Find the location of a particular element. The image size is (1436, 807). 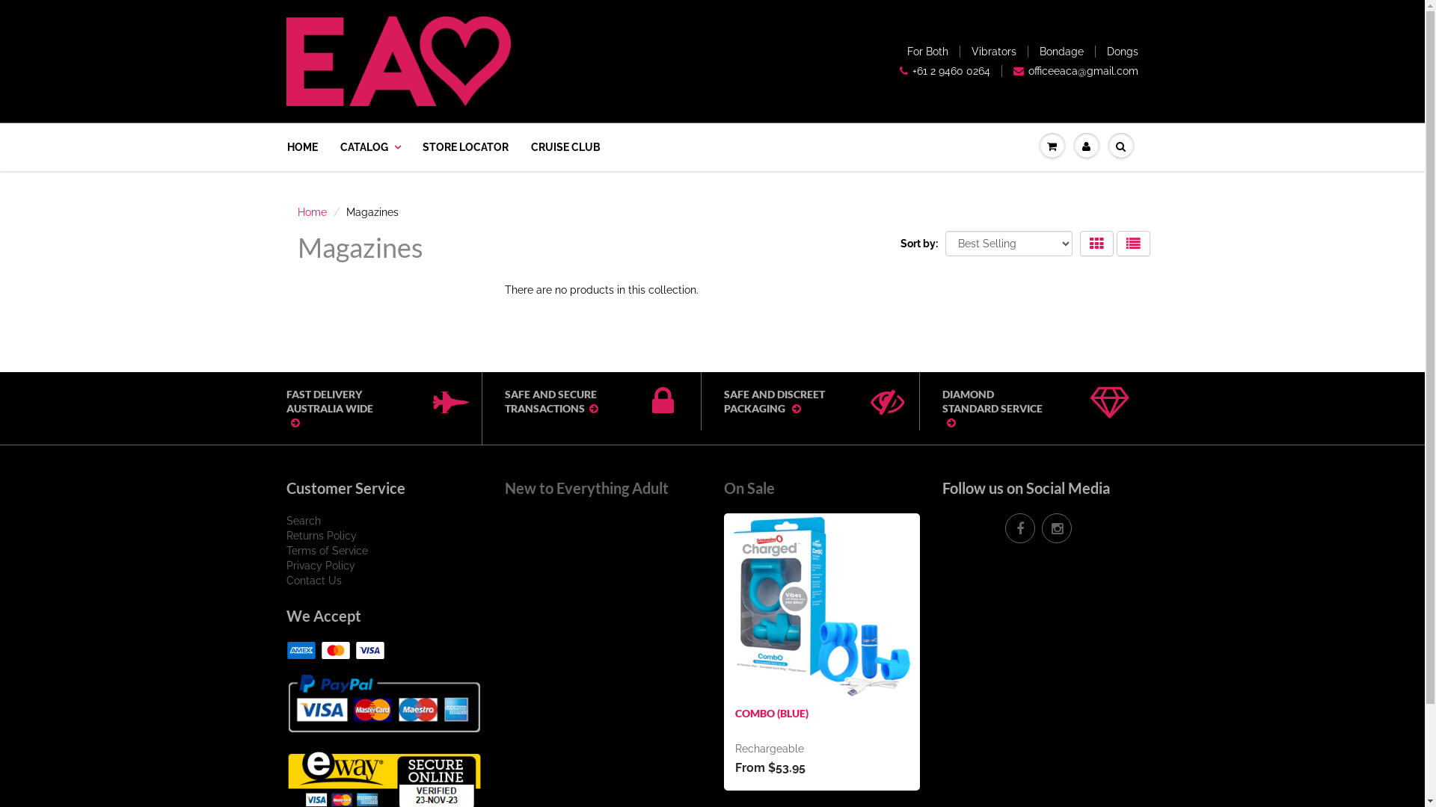

'+61 2 9460 0264' is located at coordinates (899, 71).